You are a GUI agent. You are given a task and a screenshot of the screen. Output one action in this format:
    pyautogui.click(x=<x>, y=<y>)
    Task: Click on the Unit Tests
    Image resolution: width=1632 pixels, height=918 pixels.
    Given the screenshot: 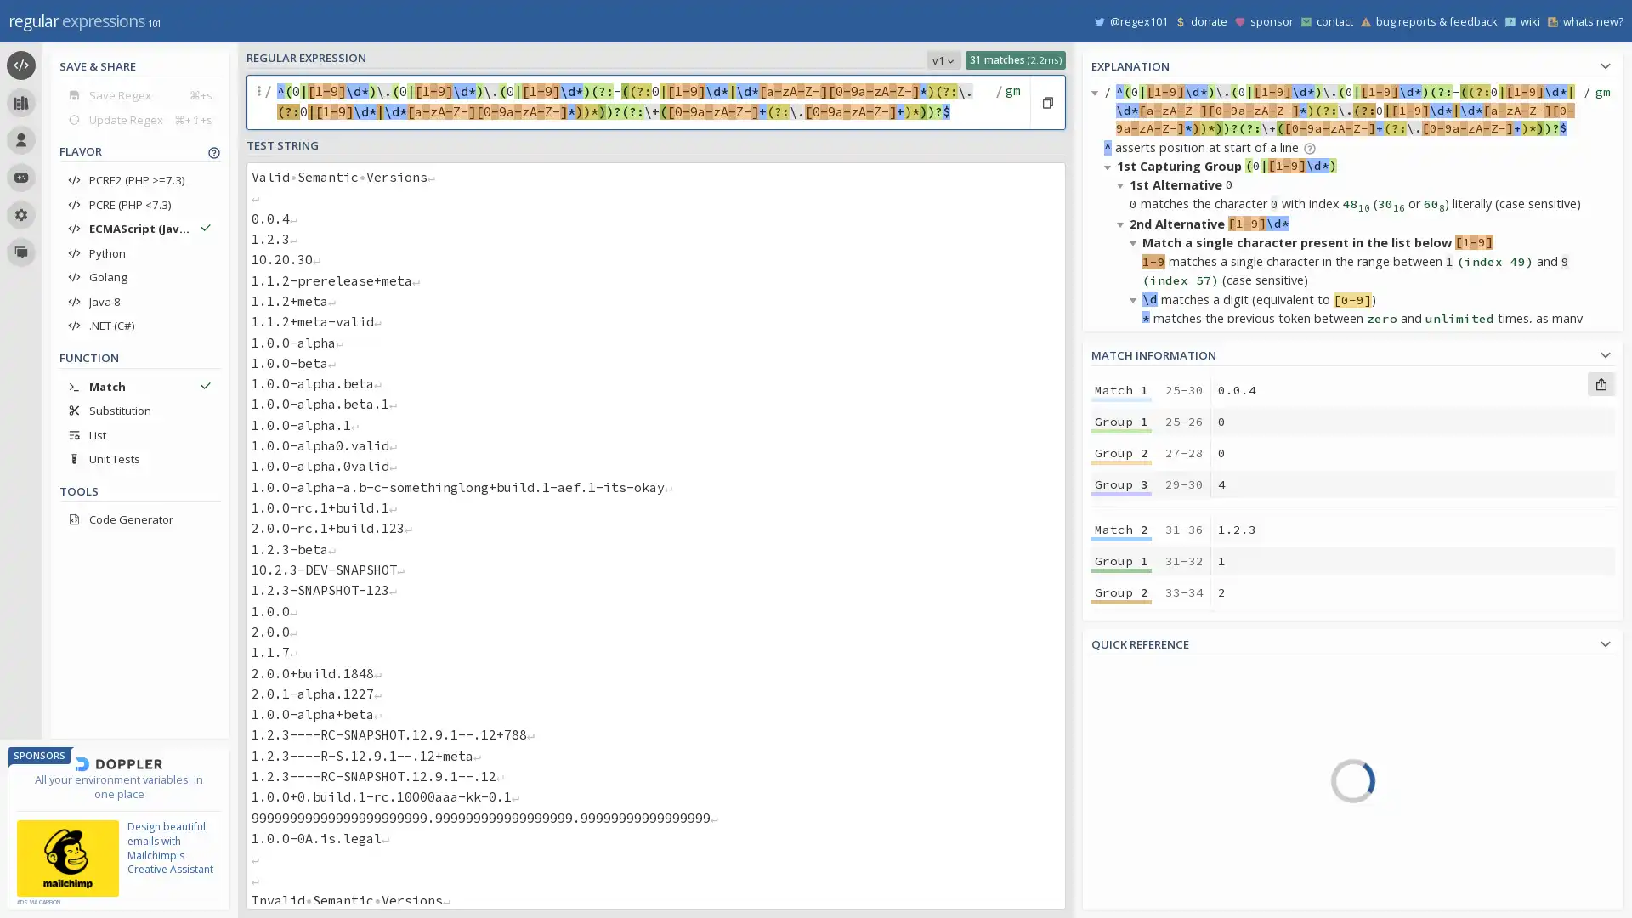 What is the action you would take?
    pyautogui.click(x=139, y=459)
    